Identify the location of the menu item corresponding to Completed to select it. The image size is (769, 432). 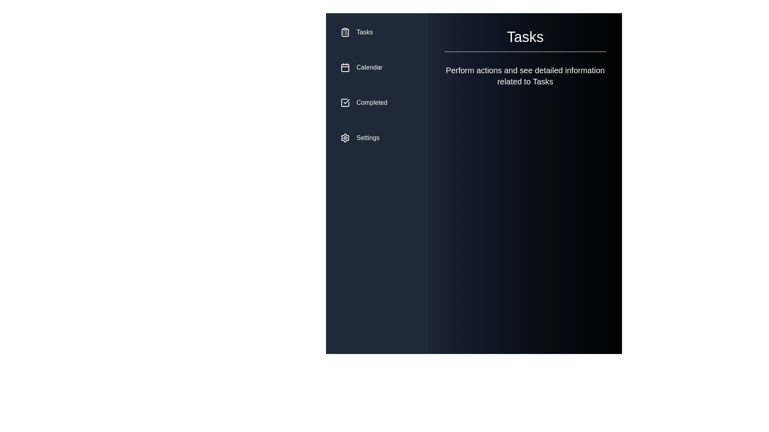
(376, 102).